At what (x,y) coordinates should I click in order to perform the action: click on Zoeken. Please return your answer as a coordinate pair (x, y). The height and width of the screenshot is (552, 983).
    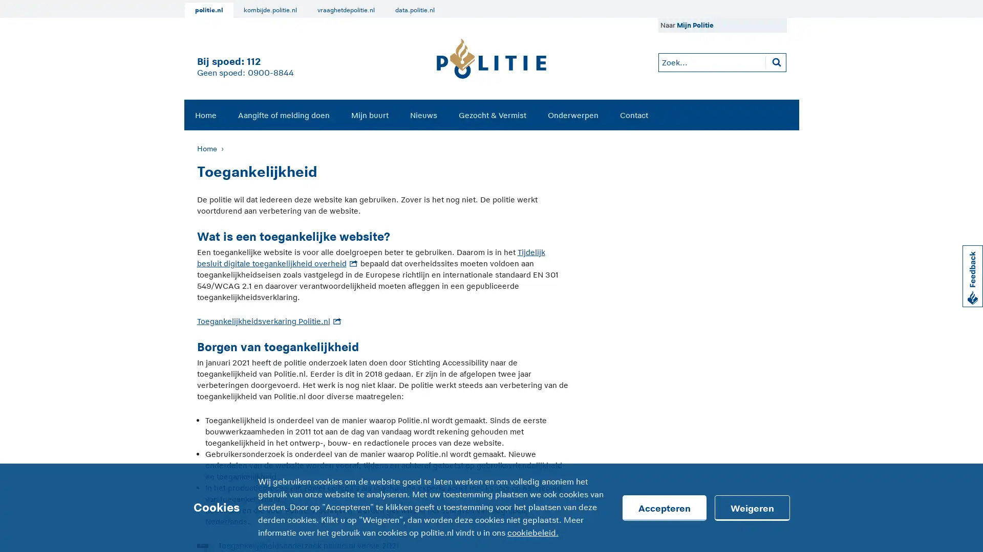
    Looking at the image, I should click on (657, 71).